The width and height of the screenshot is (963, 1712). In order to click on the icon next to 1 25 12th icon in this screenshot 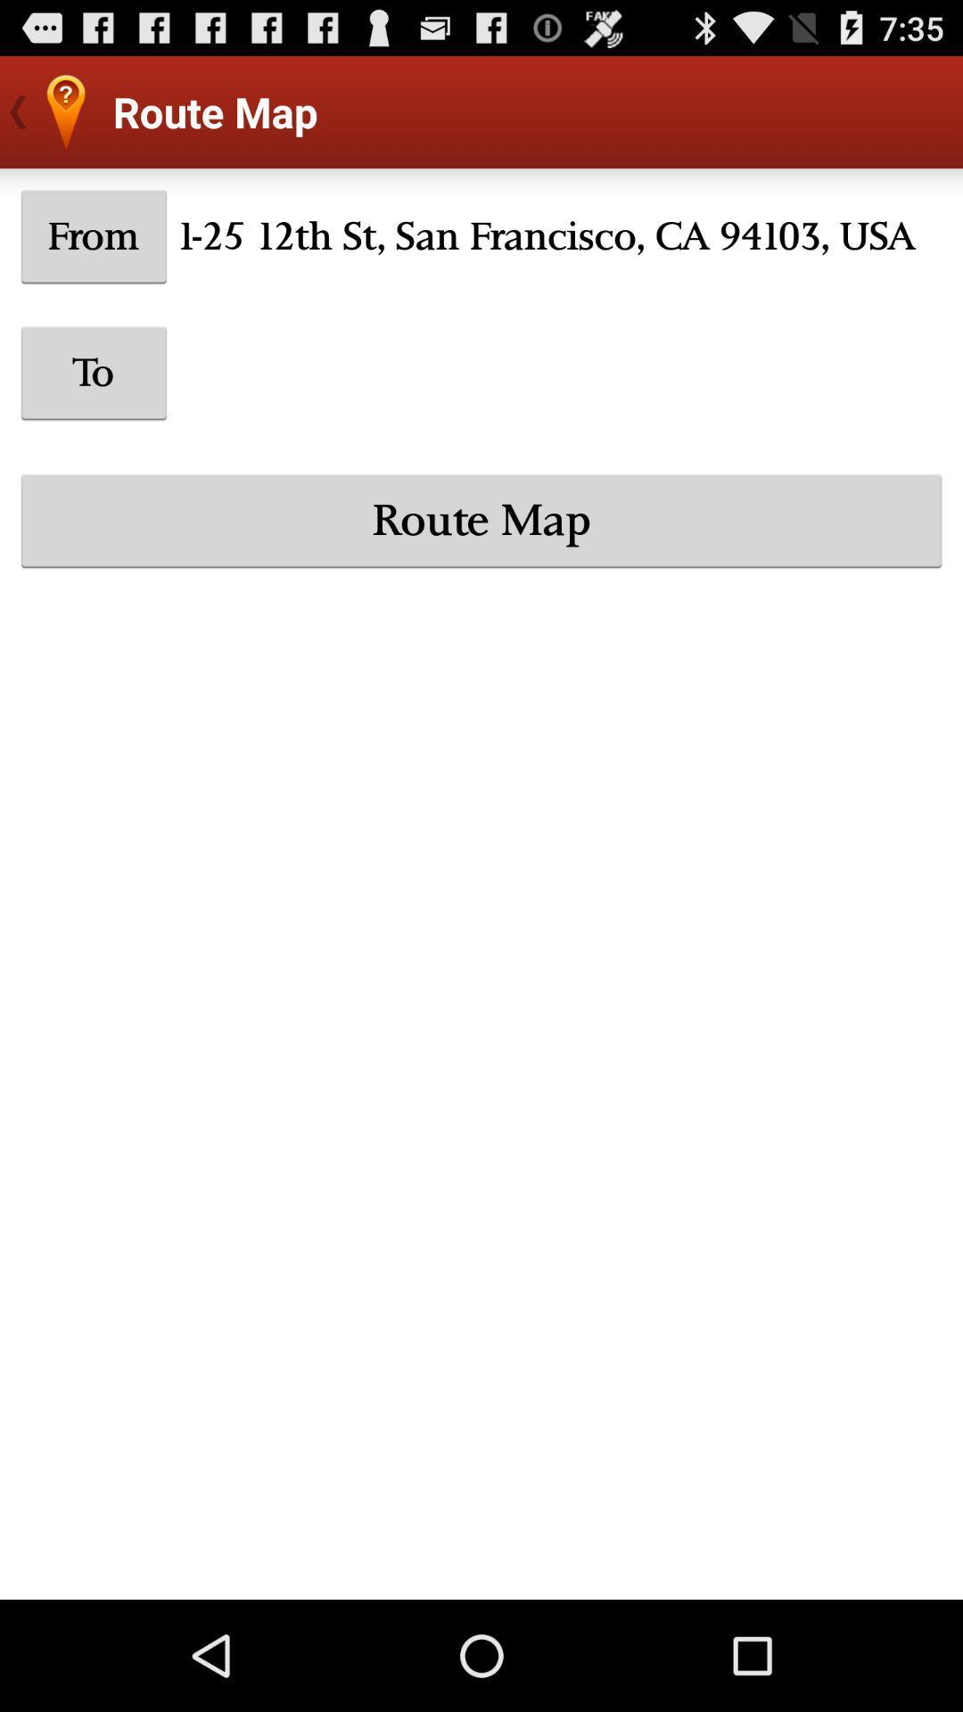, I will do `click(94, 235)`.